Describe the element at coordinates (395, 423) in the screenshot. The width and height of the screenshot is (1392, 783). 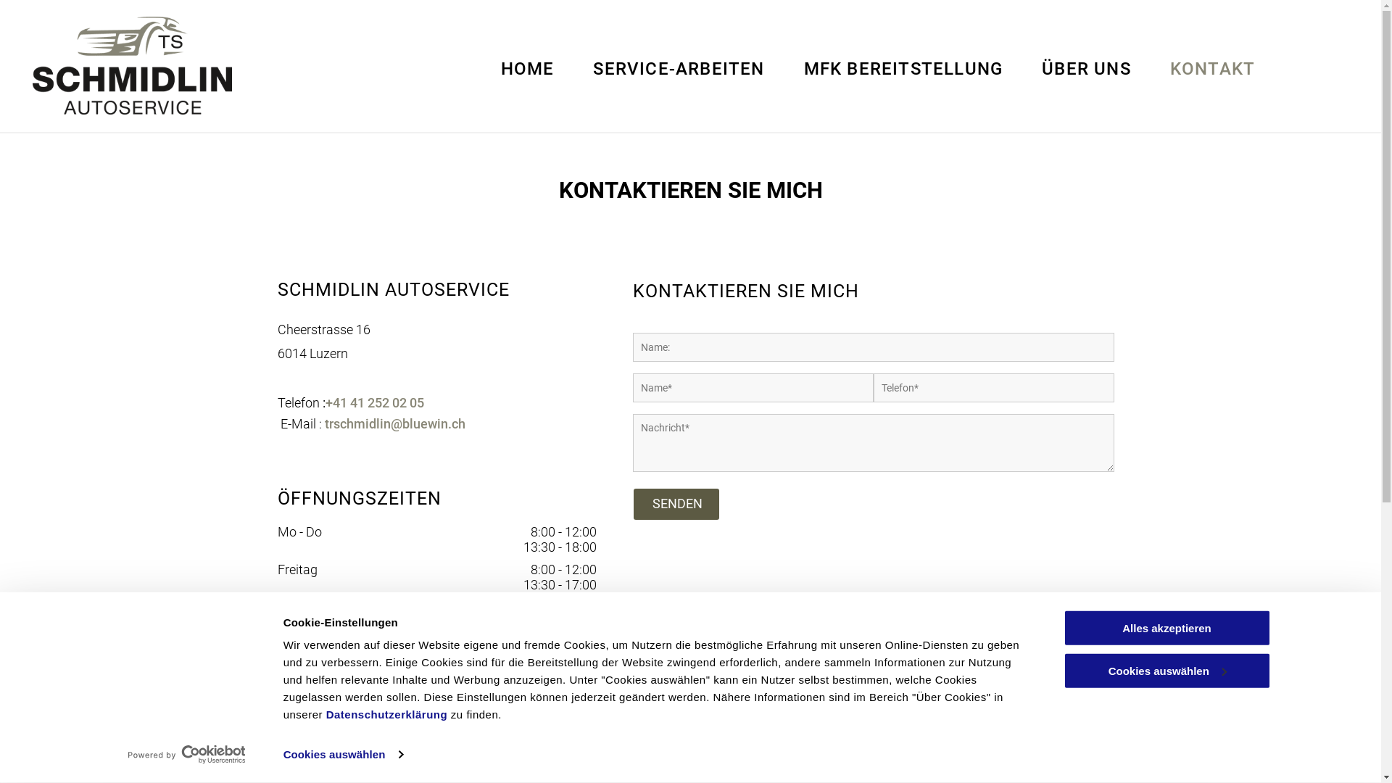
I see `'trschmidlin@bluewin.ch'` at that location.